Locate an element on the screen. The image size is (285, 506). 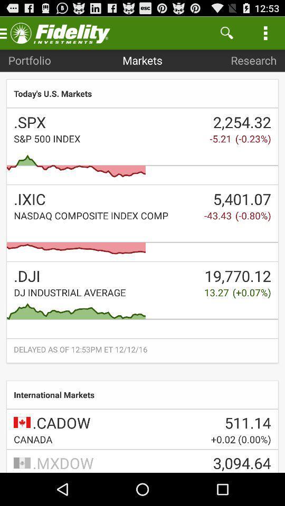
the portfolio icon is located at coordinates (30, 60).